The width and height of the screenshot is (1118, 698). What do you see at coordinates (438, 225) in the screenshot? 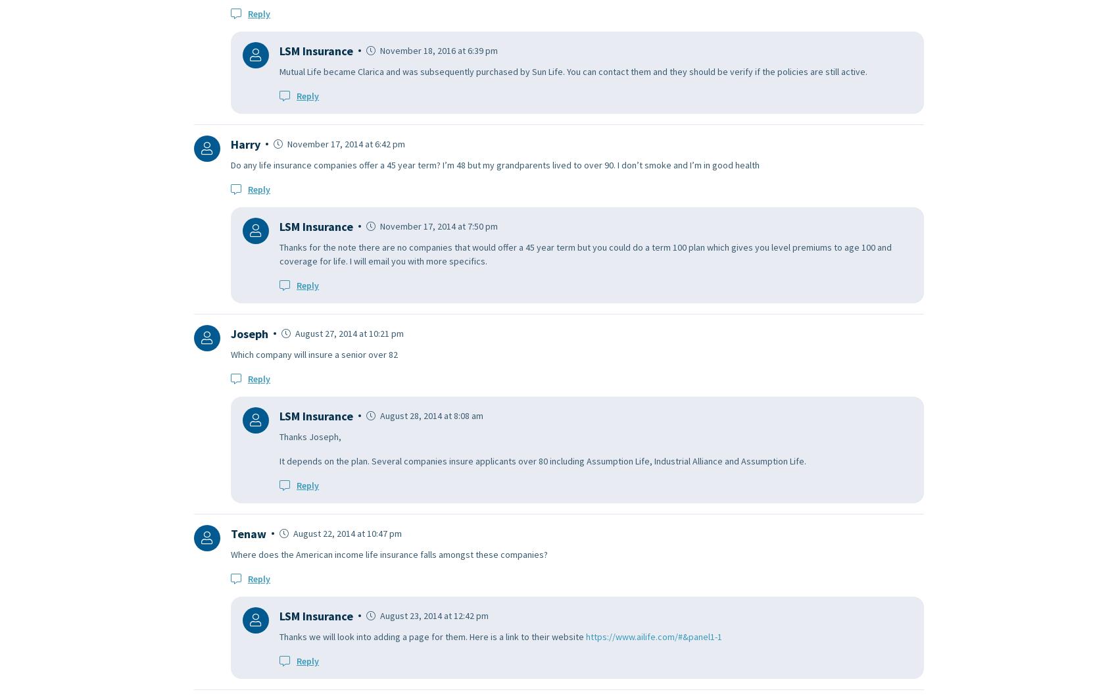
I see `'November 17, 2014 at 7:50 pm'` at bounding box center [438, 225].